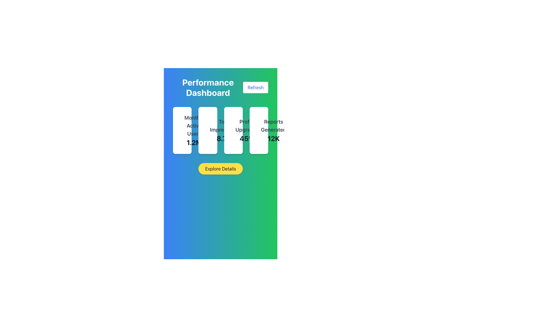 The width and height of the screenshot is (549, 309). What do you see at coordinates (194, 125) in the screenshot?
I see `the text label 'Monthly Active Users' which is styled in a large bold font and positioned above the numeric figure '1.2M' in the leftmost card on the dashboard` at bounding box center [194, 125].